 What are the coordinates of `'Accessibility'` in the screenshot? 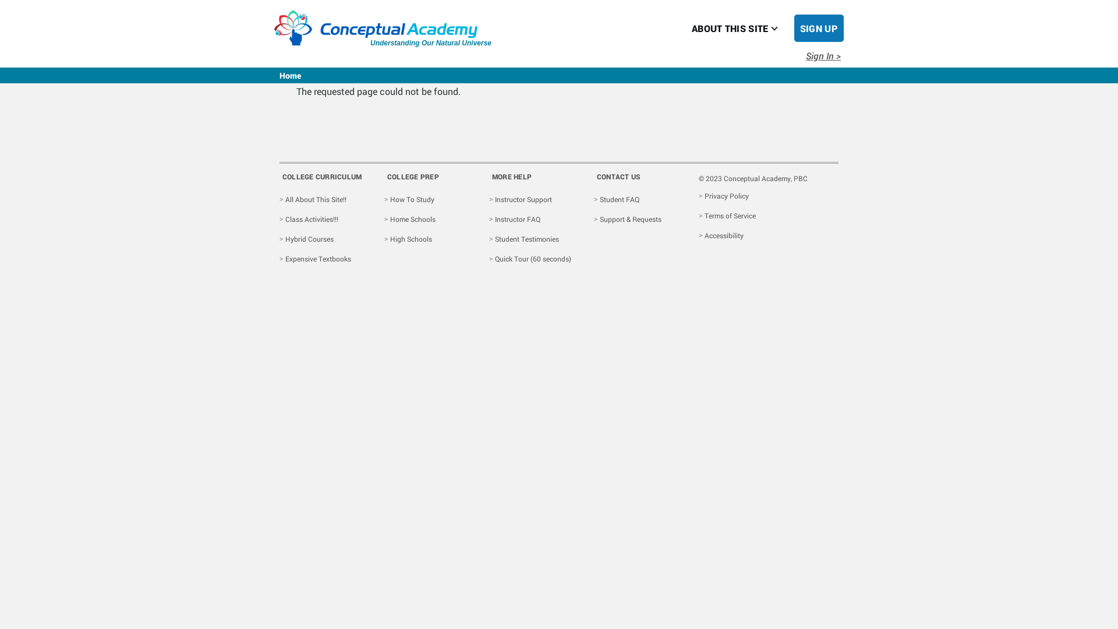 It's located at (723, 235).